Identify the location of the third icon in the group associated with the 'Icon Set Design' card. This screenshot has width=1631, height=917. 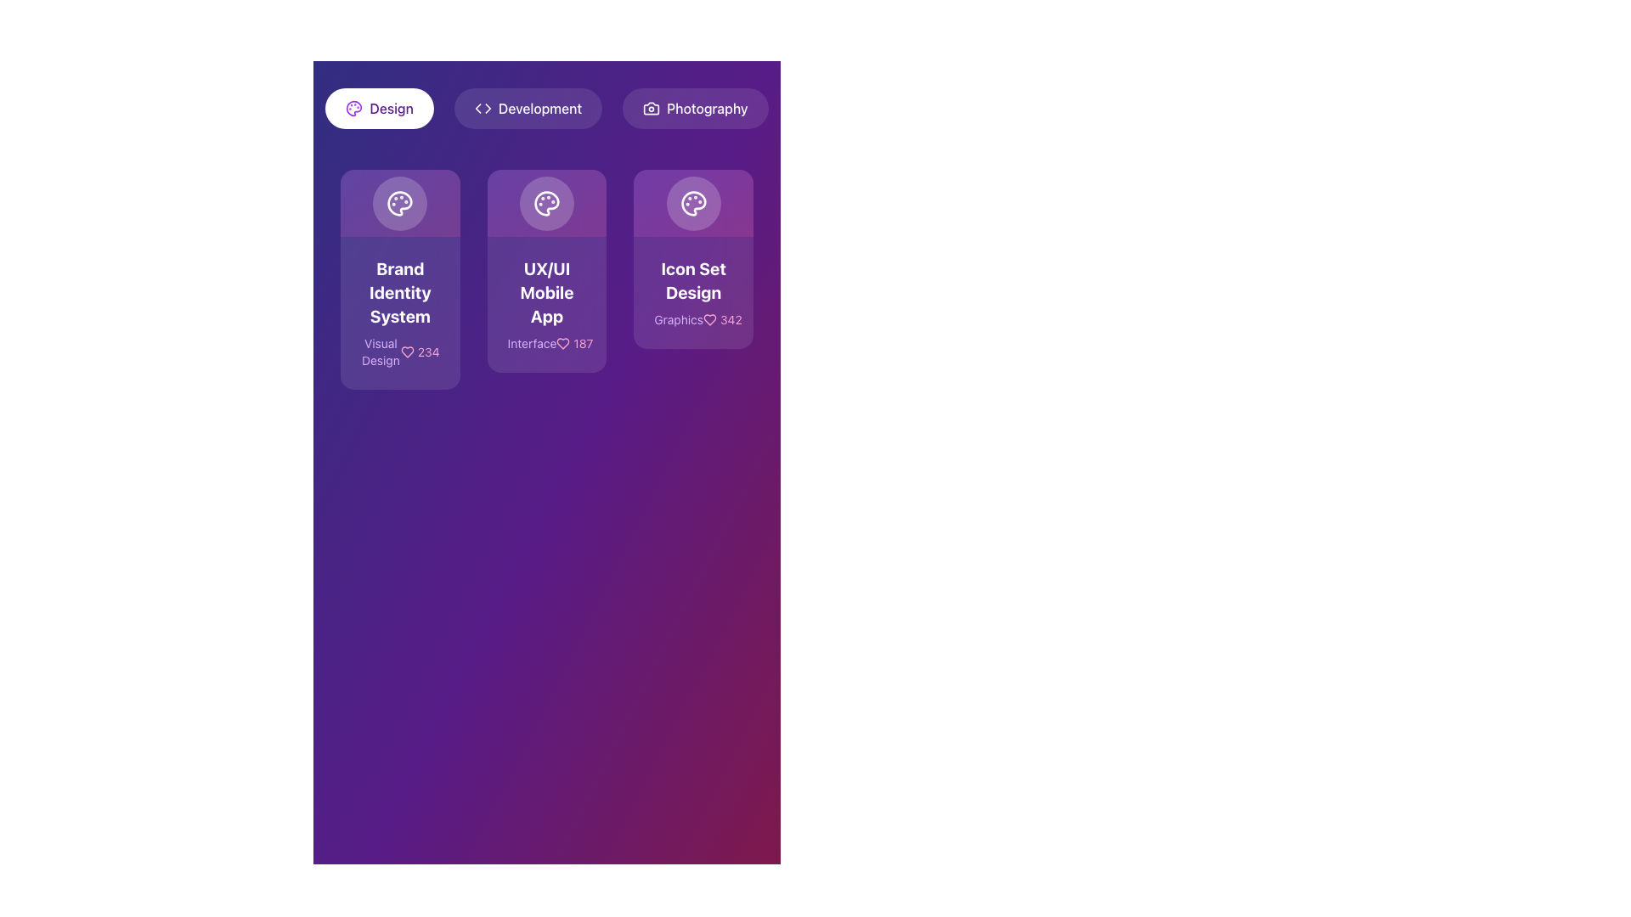
(693, 202).